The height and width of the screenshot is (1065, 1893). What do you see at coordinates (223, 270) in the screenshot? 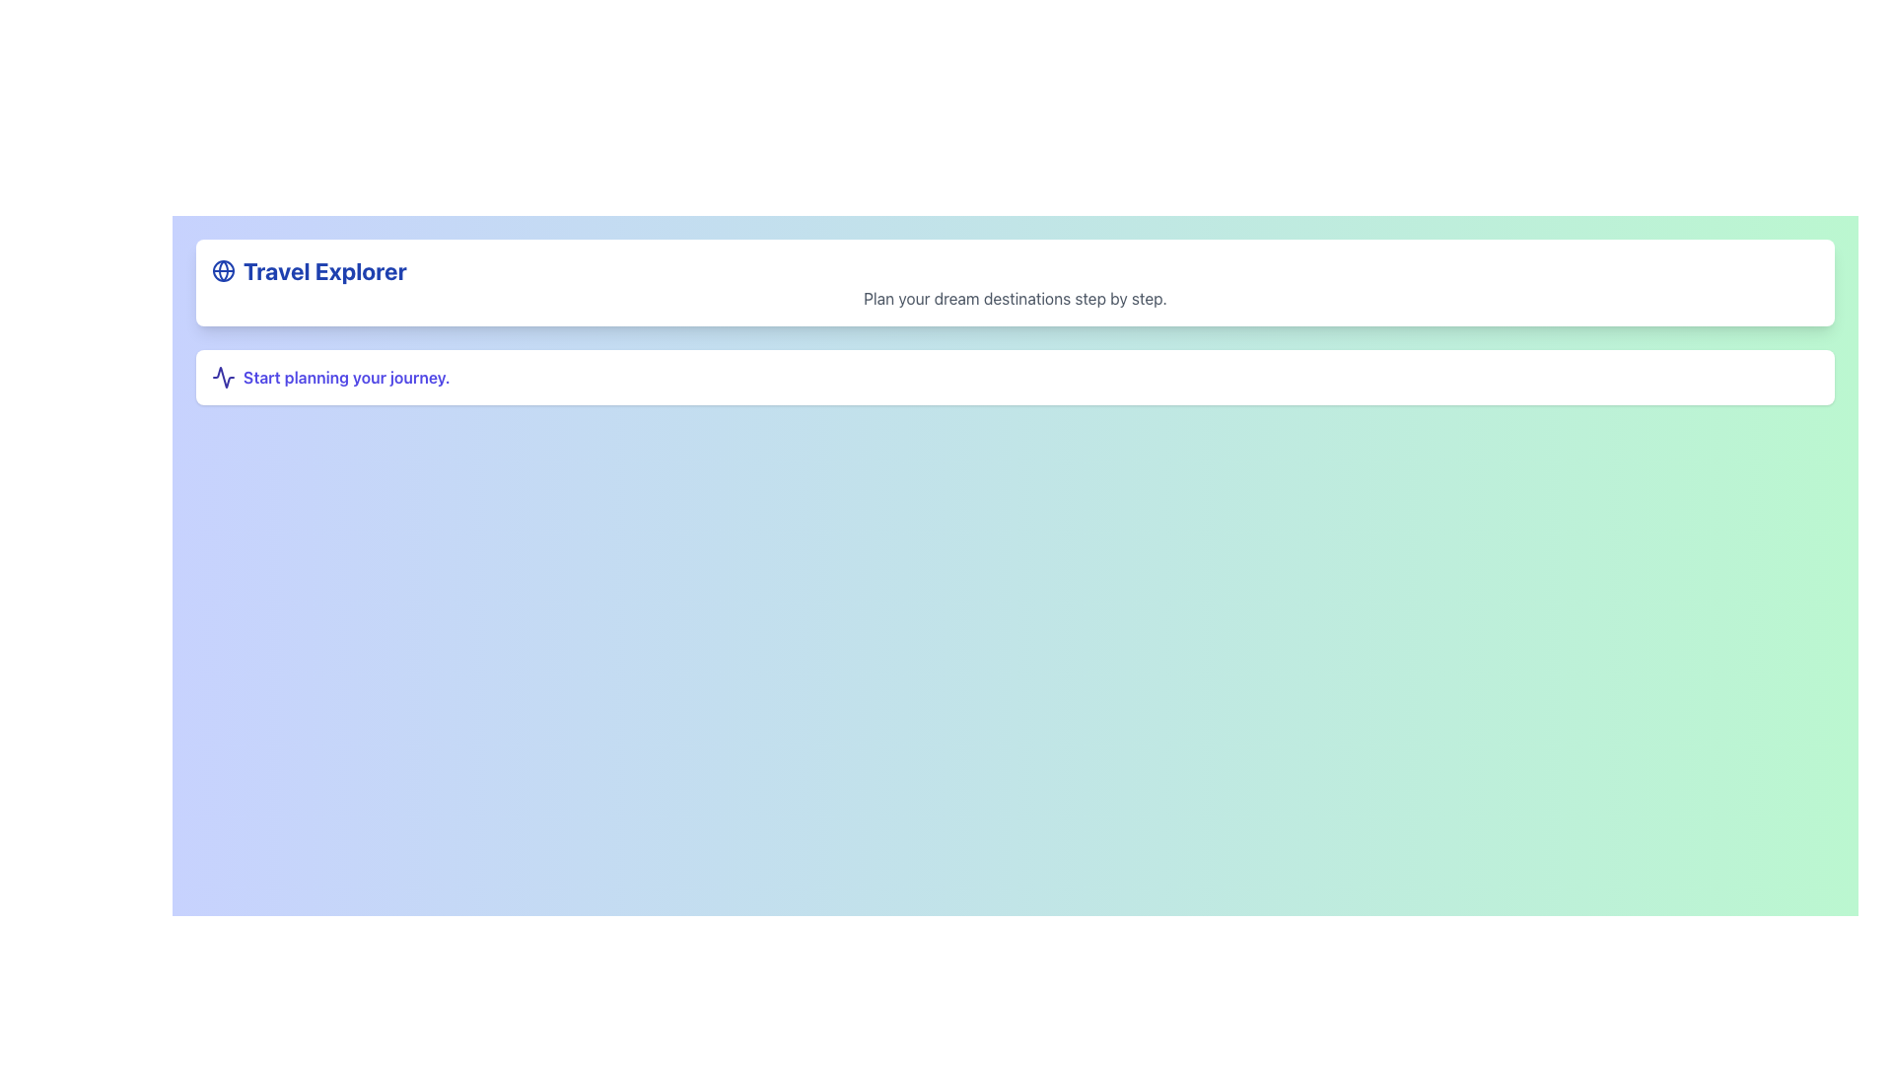
I see `the circle element within the SVG graphic that is part of a logo resembling a globe, located to the left of the text 'Travel Explorer'` at bounding box center [223, 270].